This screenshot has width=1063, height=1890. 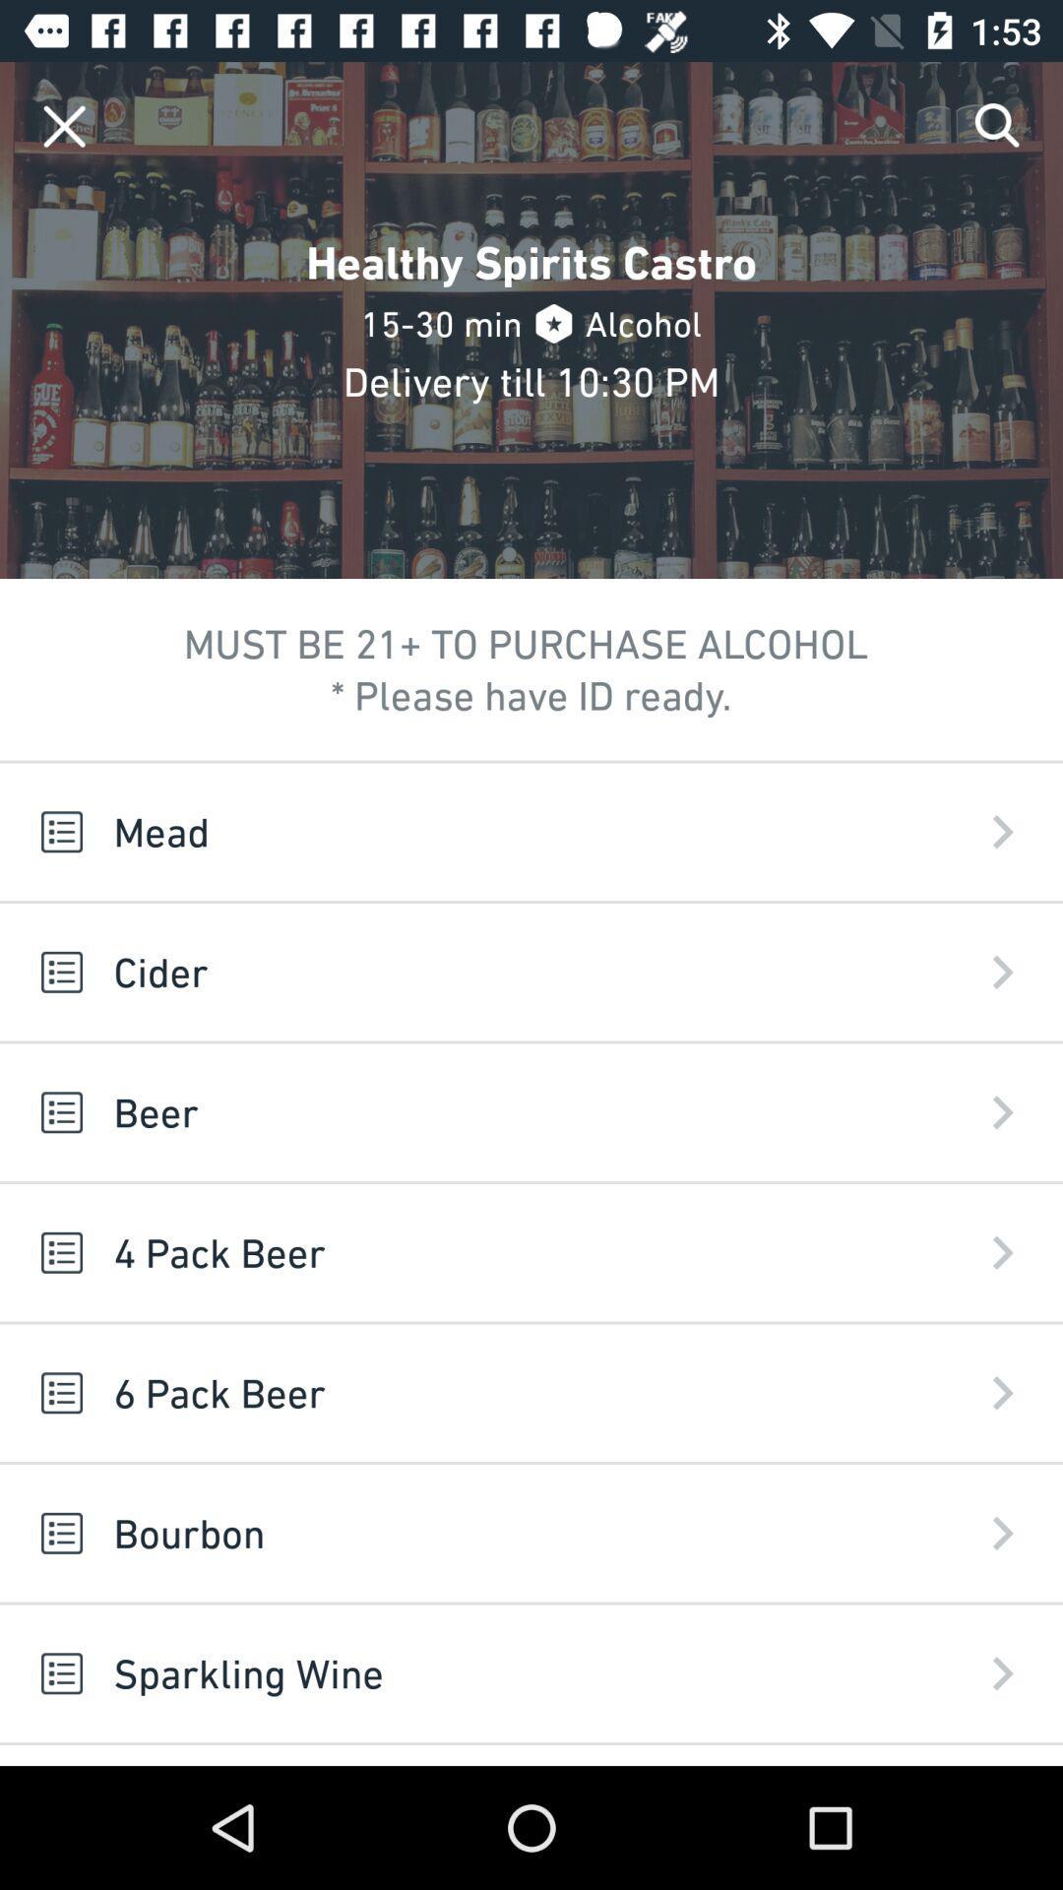 What do you see at coordinates (998, 125) in the screenshot?
I see `search icon` at bounding box center [998, 125].